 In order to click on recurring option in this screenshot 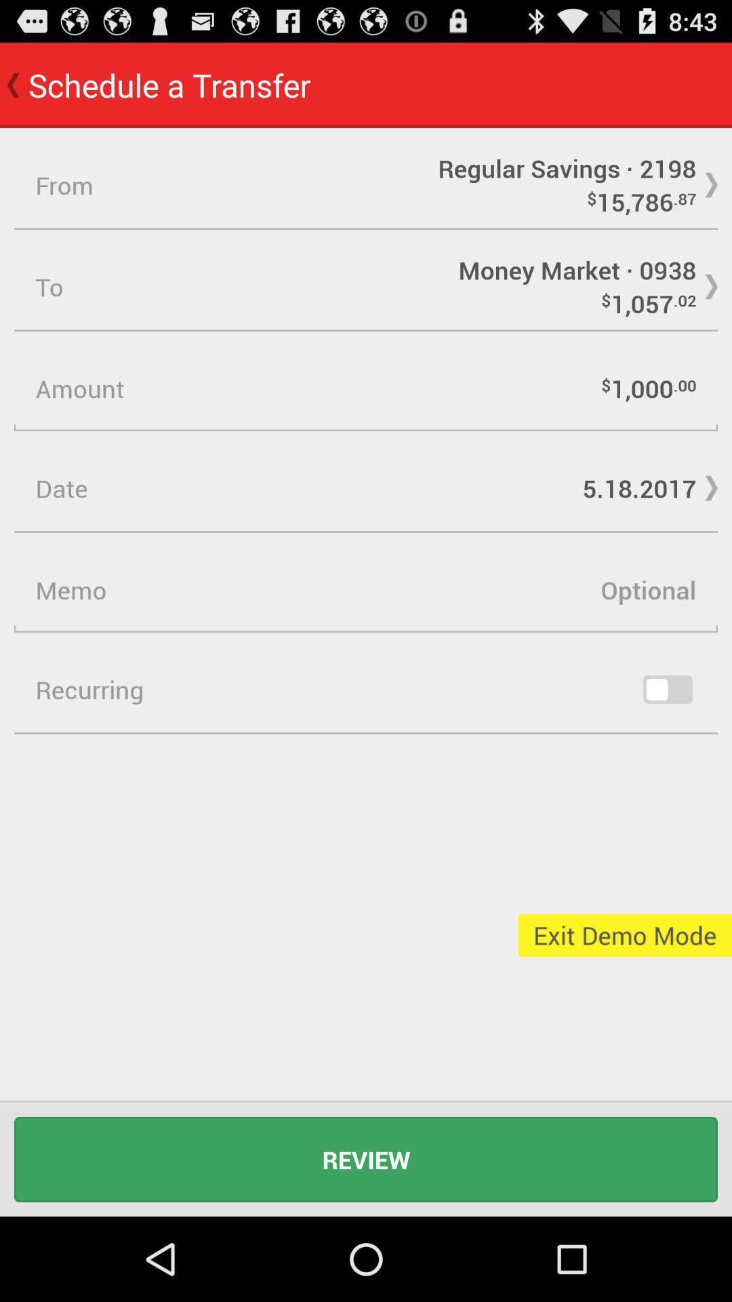, I will do `click(667, 690)`.